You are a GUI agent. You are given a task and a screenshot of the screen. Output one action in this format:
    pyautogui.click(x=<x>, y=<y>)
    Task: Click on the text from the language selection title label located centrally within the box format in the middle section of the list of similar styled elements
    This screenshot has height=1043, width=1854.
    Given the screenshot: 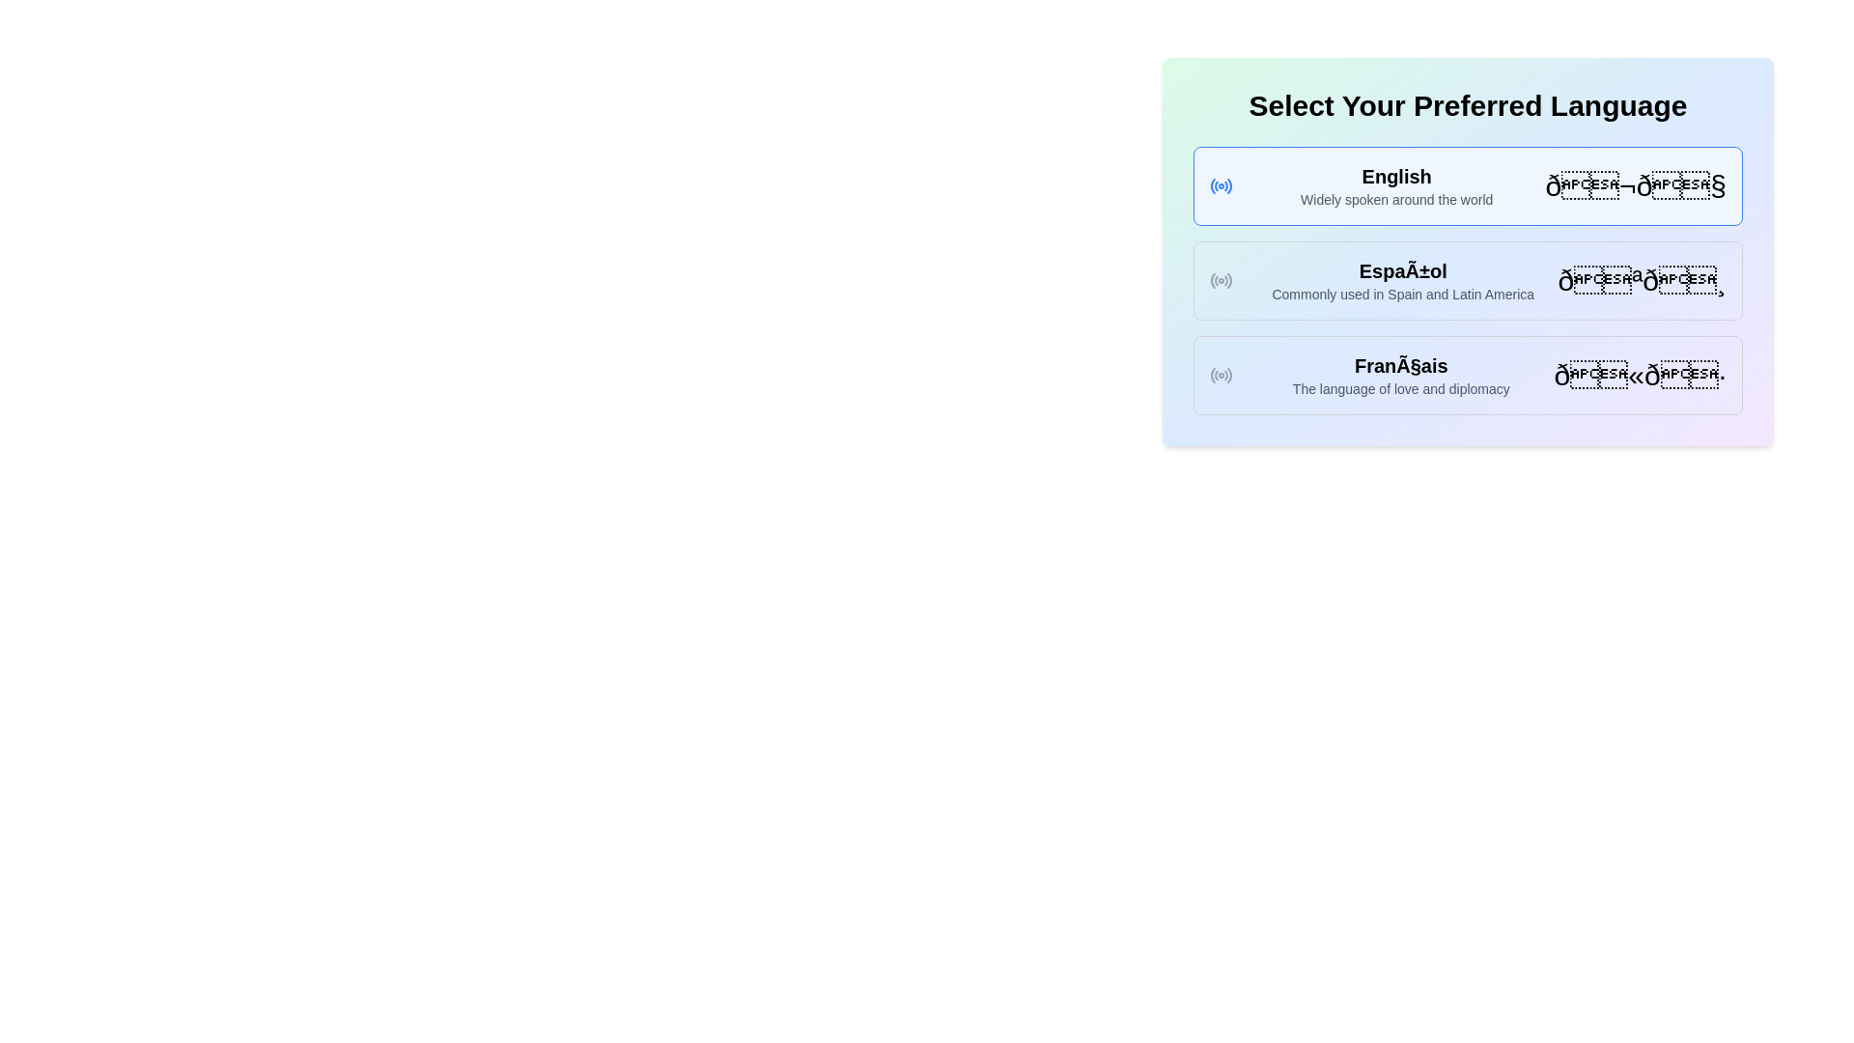 What is the action you would take?
    pyautogui.click(x=1403, y=271)
    